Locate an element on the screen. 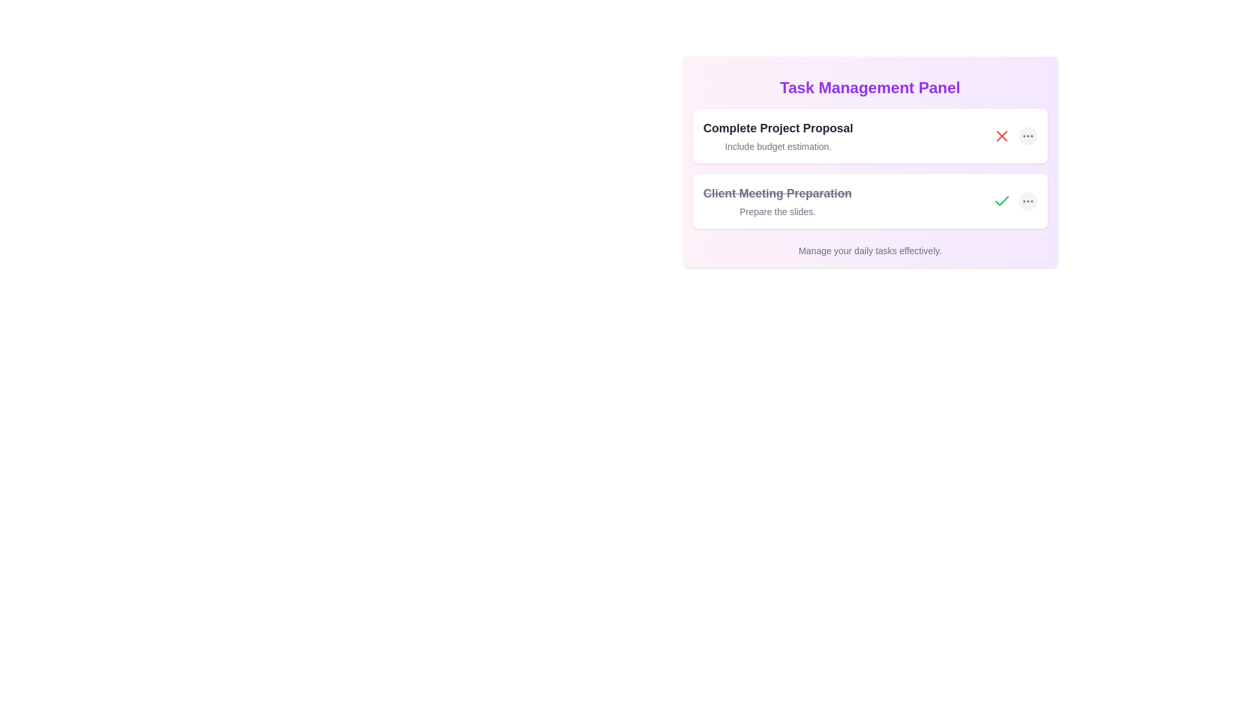 This screenshot has height=704, width=1251. the second completed task item in the 'Task Management Panel' interface, which displays the title and description of the completed task is located at coordinates (777, 201).